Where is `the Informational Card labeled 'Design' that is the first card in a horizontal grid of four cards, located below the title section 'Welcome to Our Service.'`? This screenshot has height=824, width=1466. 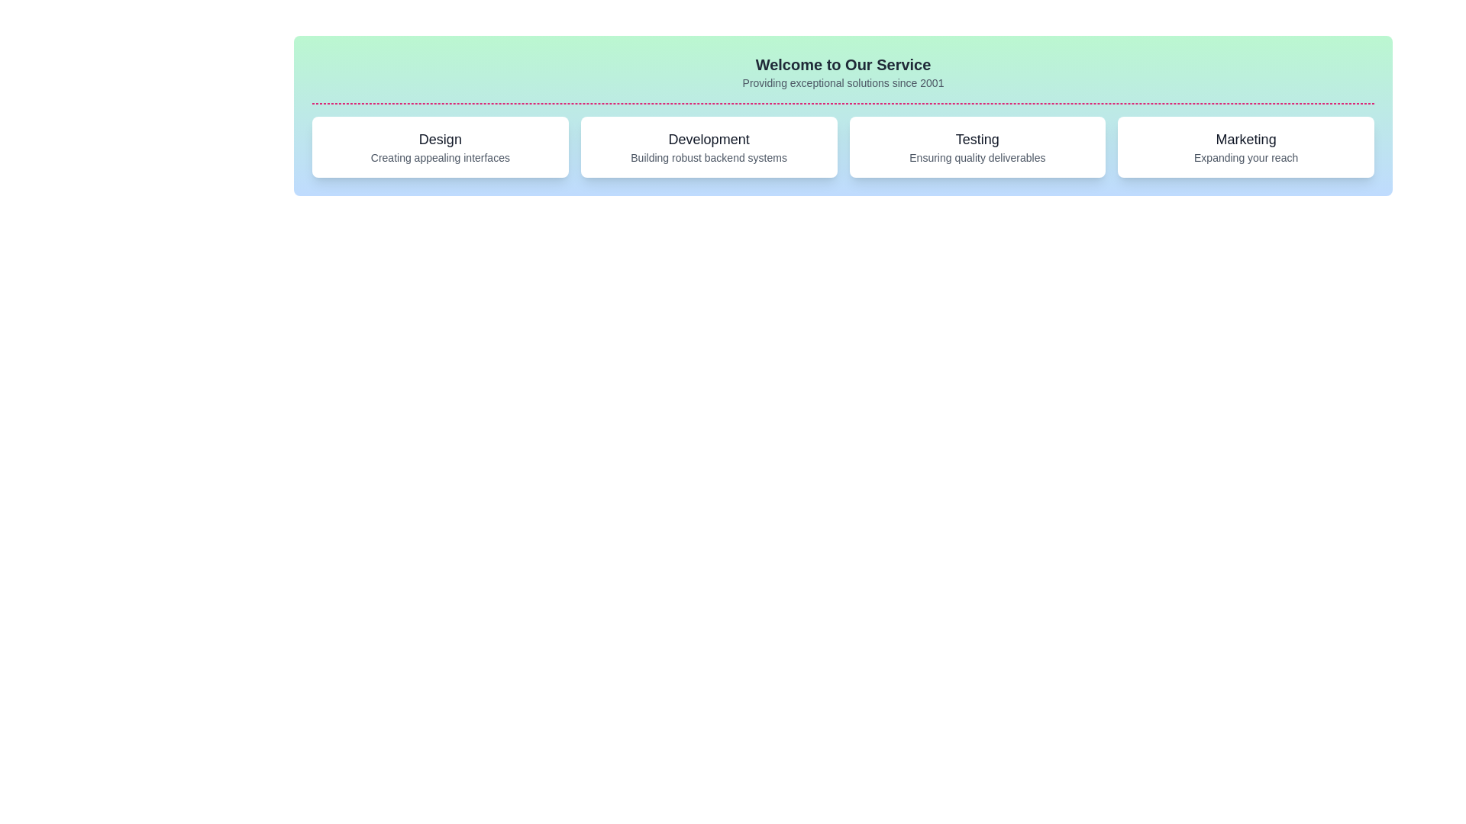
the Informational Card labeled 'Design' that is the first card in a horizontal grid of four cards, located below the title section 'Welcome to Our Service.' is located at coordinates (439, 146).